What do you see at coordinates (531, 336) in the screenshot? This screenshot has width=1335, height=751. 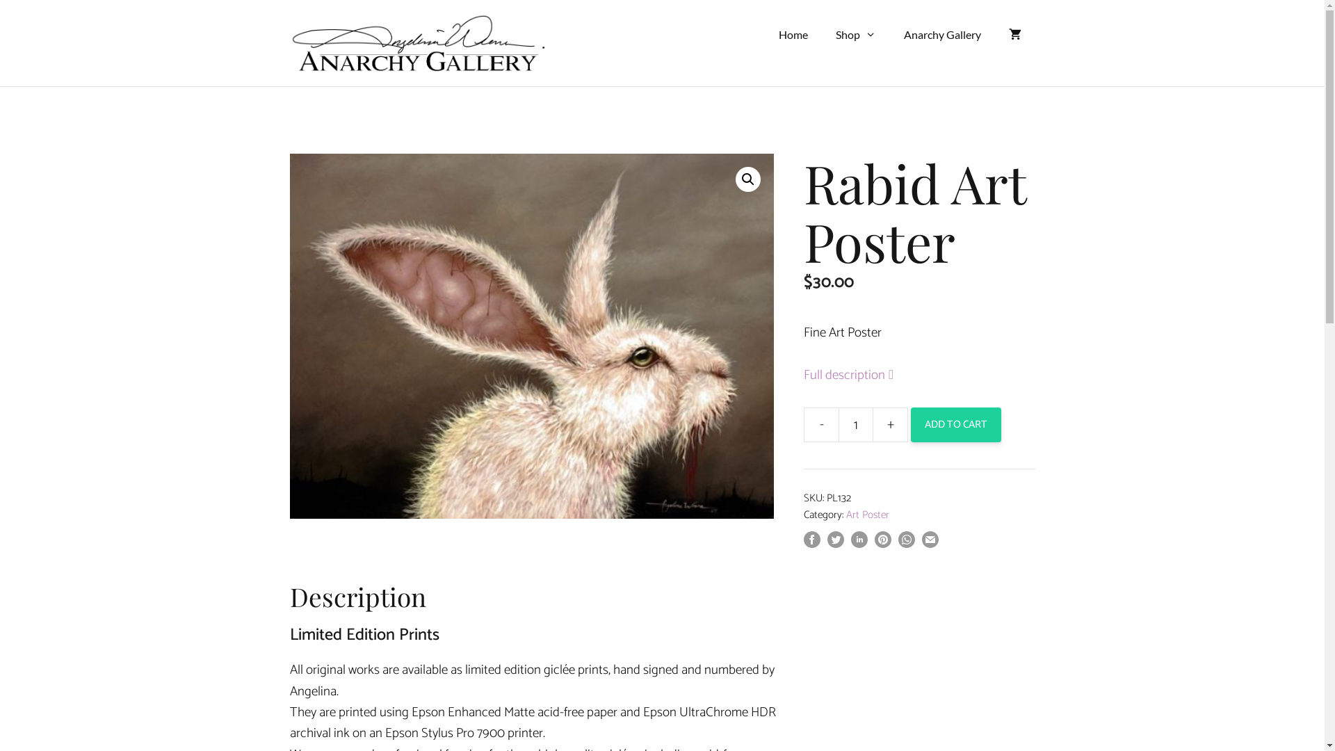 I see `'Rabid-670W-4.jpg'` at bounding box center [531, 336].